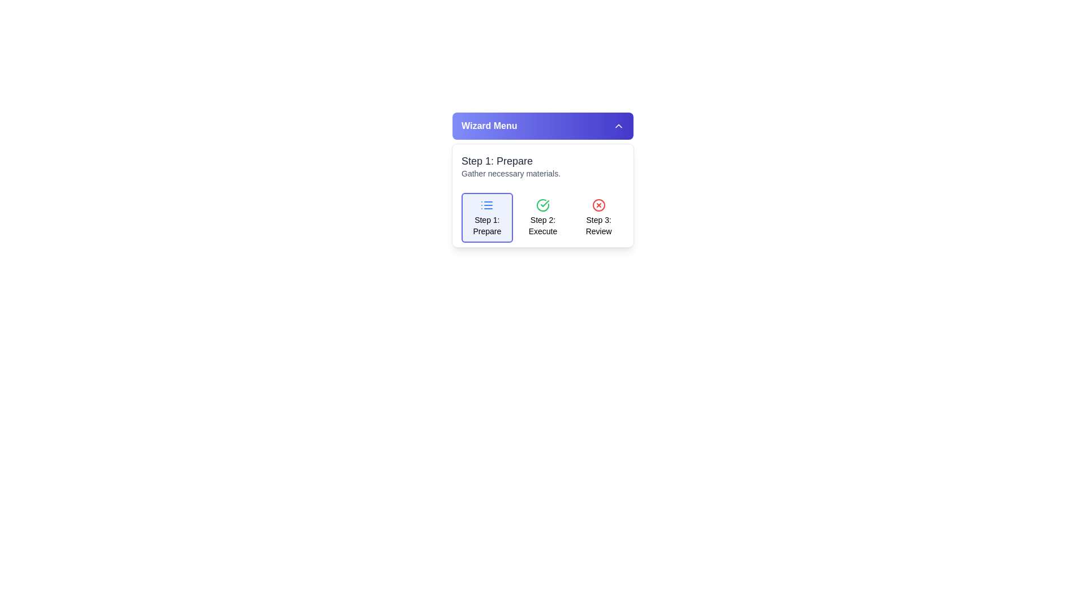 This screenshot has height=611, width=1086. What do you see at coordinates (543, 166) in the screenshot?
I see `the informational header text block located below the 'Wizard Menu' header and above the buttons labeled 'Step 1: Prepare', 'Step 2: Execute', and 'Step 3: Review'` at bounding box center [543, 166].